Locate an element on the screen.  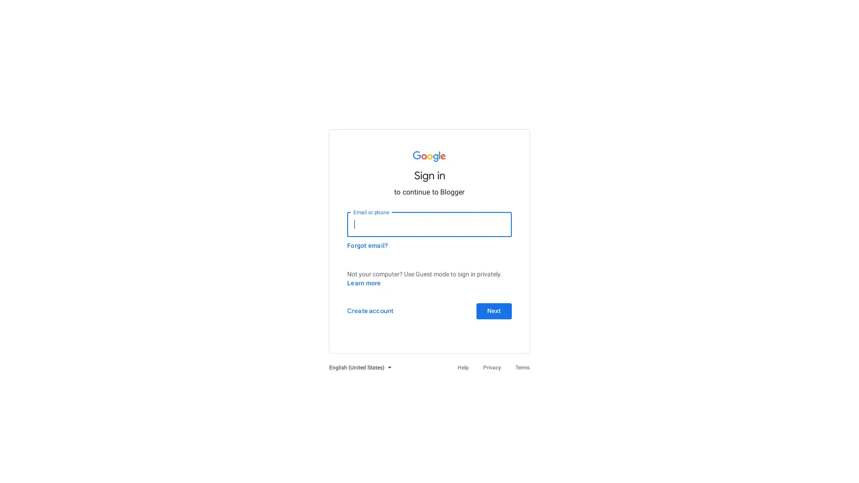
Next is located at coordinates (493, 310).